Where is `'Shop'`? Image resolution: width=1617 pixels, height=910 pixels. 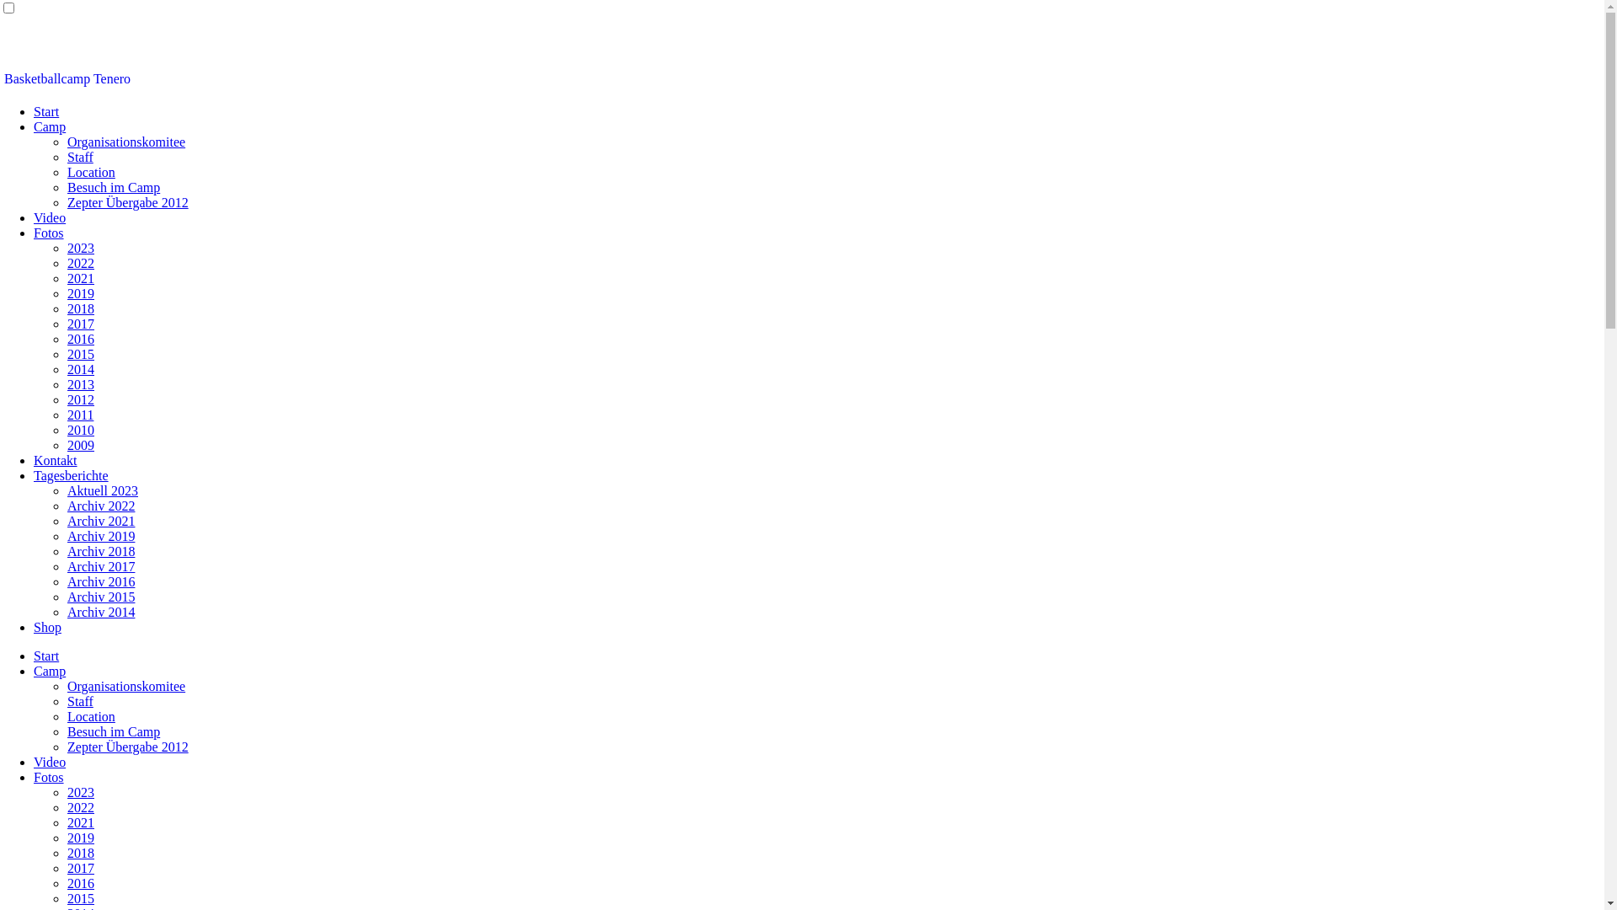 'Shop' is located at coordinates (47, 627).